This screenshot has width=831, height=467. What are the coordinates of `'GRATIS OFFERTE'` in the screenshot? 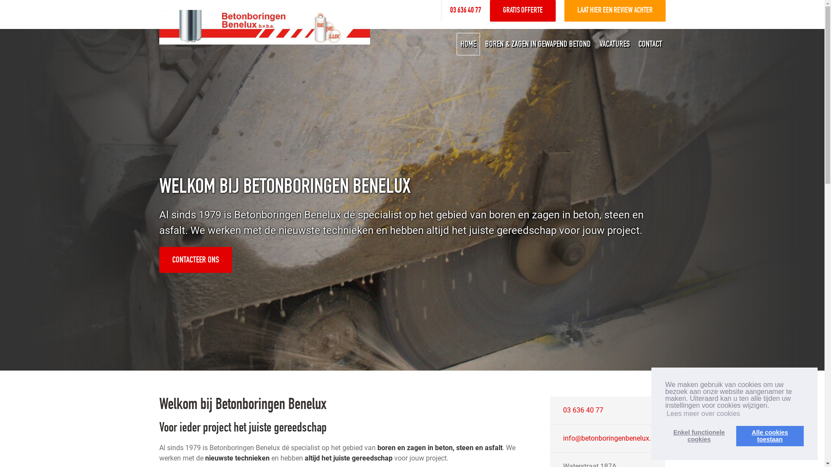 It's located at (490, 10).